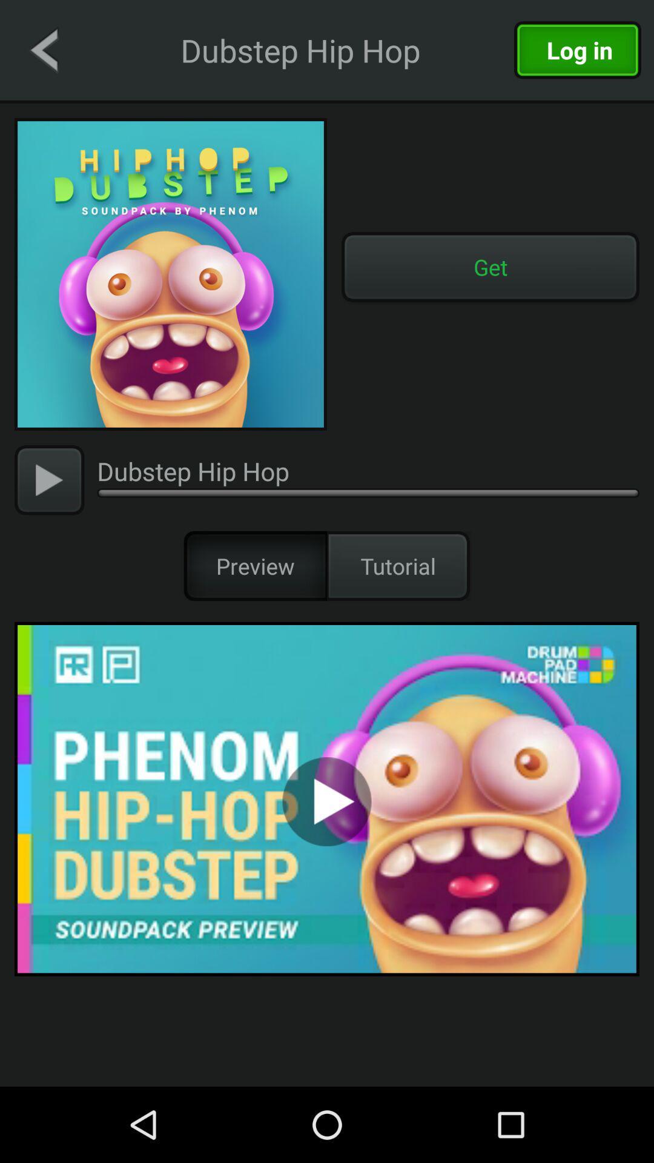 The image size is (654, 1163). What do you see at coordinates (254, 565) in the screenshot?
I see `the preview` at bounding box center [254, 565].